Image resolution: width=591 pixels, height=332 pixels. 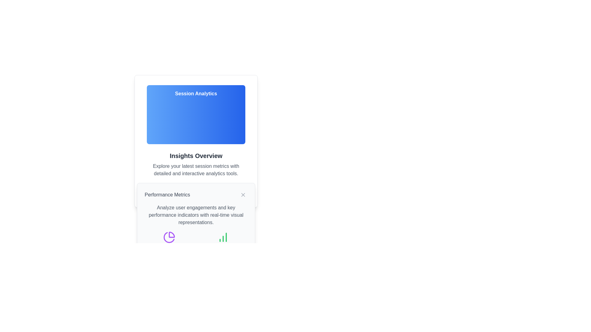 I want to click on displayed text of the bold, extra-large 'Insights Overview' label, which is centered below the 'Session Analytics' section, so click(x=196, y=155).